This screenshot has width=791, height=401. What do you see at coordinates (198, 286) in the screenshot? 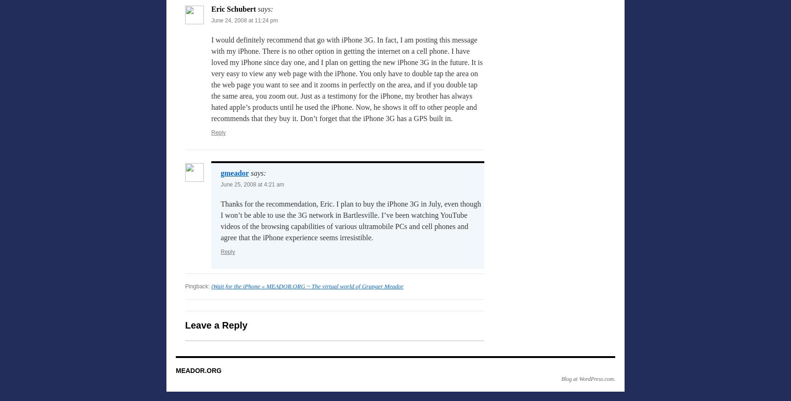
I see `'Pingback:'` at bounding box center [198, 286].